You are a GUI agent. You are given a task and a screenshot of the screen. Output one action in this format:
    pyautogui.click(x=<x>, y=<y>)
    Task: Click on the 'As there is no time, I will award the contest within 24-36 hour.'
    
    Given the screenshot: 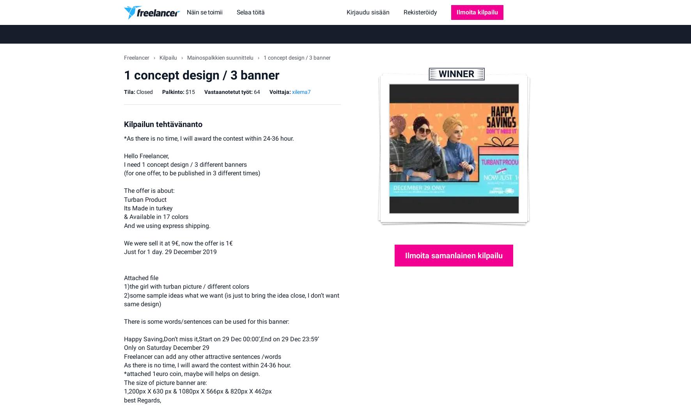 What is the action you would take?
    pyautogui.click(x=207, y=365)
    